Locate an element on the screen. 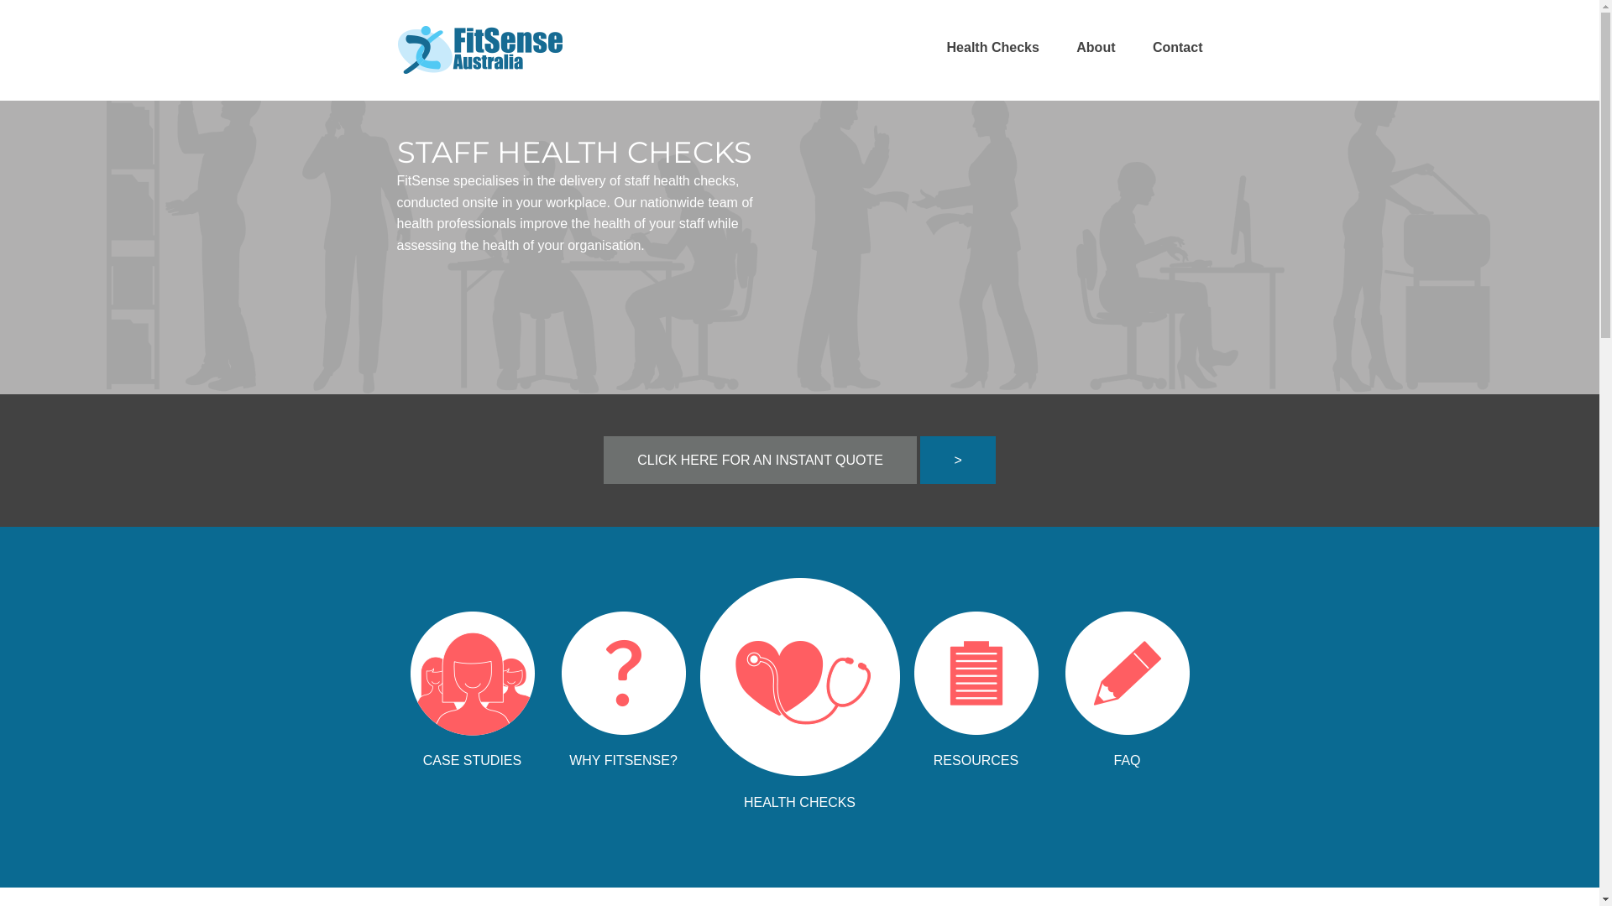 The height and width of the screenshot is (906, 1612). 'Contact' is located at coordinates (1176, 46).